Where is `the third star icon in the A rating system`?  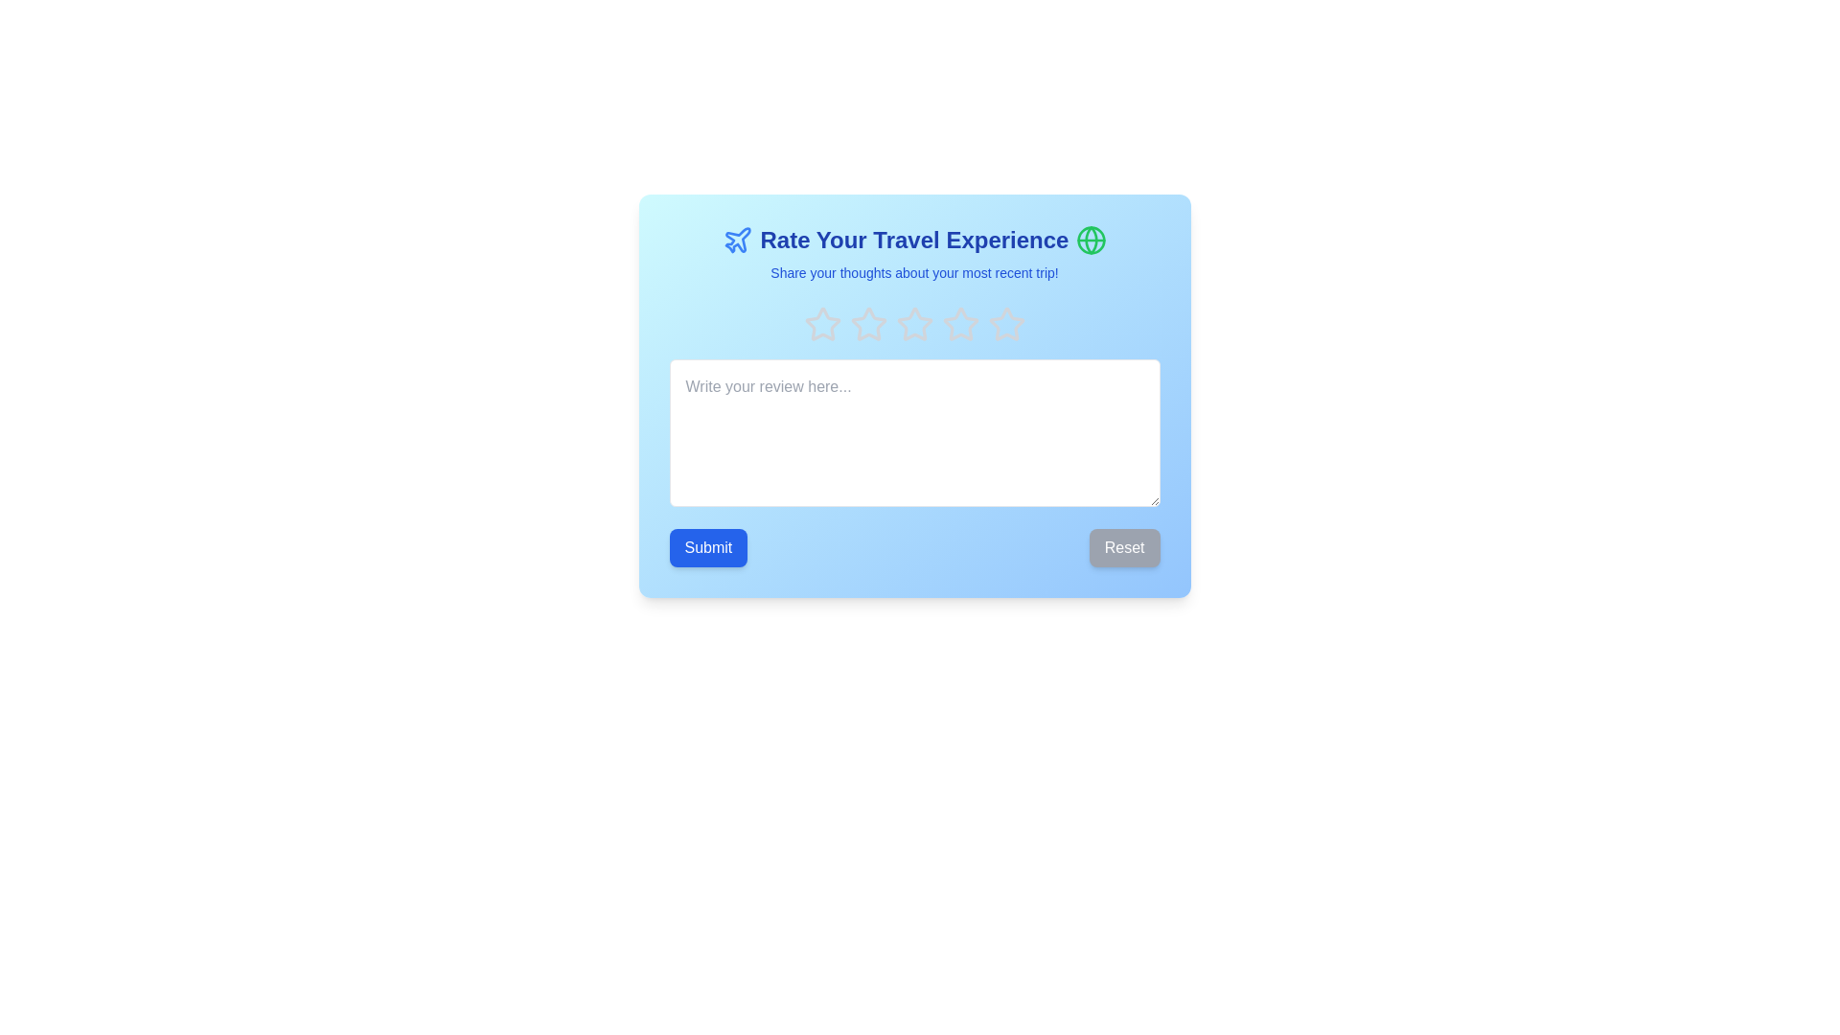
the third star icon in the A rating system is located at coordinates (913, 324).